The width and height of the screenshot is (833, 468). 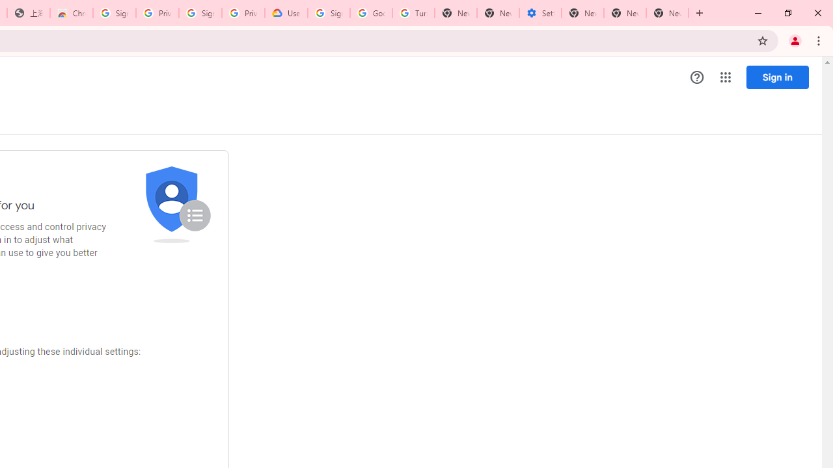 I want to click on 'Help', so click(x=696, y=77).